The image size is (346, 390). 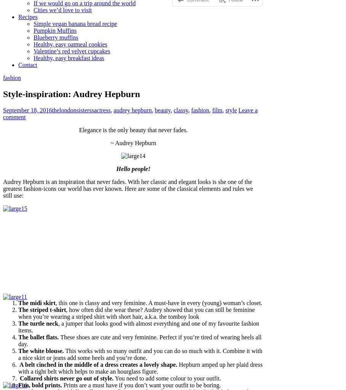 What do you see at coordinates (18, 340) in the screenshot?
I see `'These shoes are cute and very feminine. Perfect if you’re tired of wearing heels all day.'` at bounding box center [18, 340].